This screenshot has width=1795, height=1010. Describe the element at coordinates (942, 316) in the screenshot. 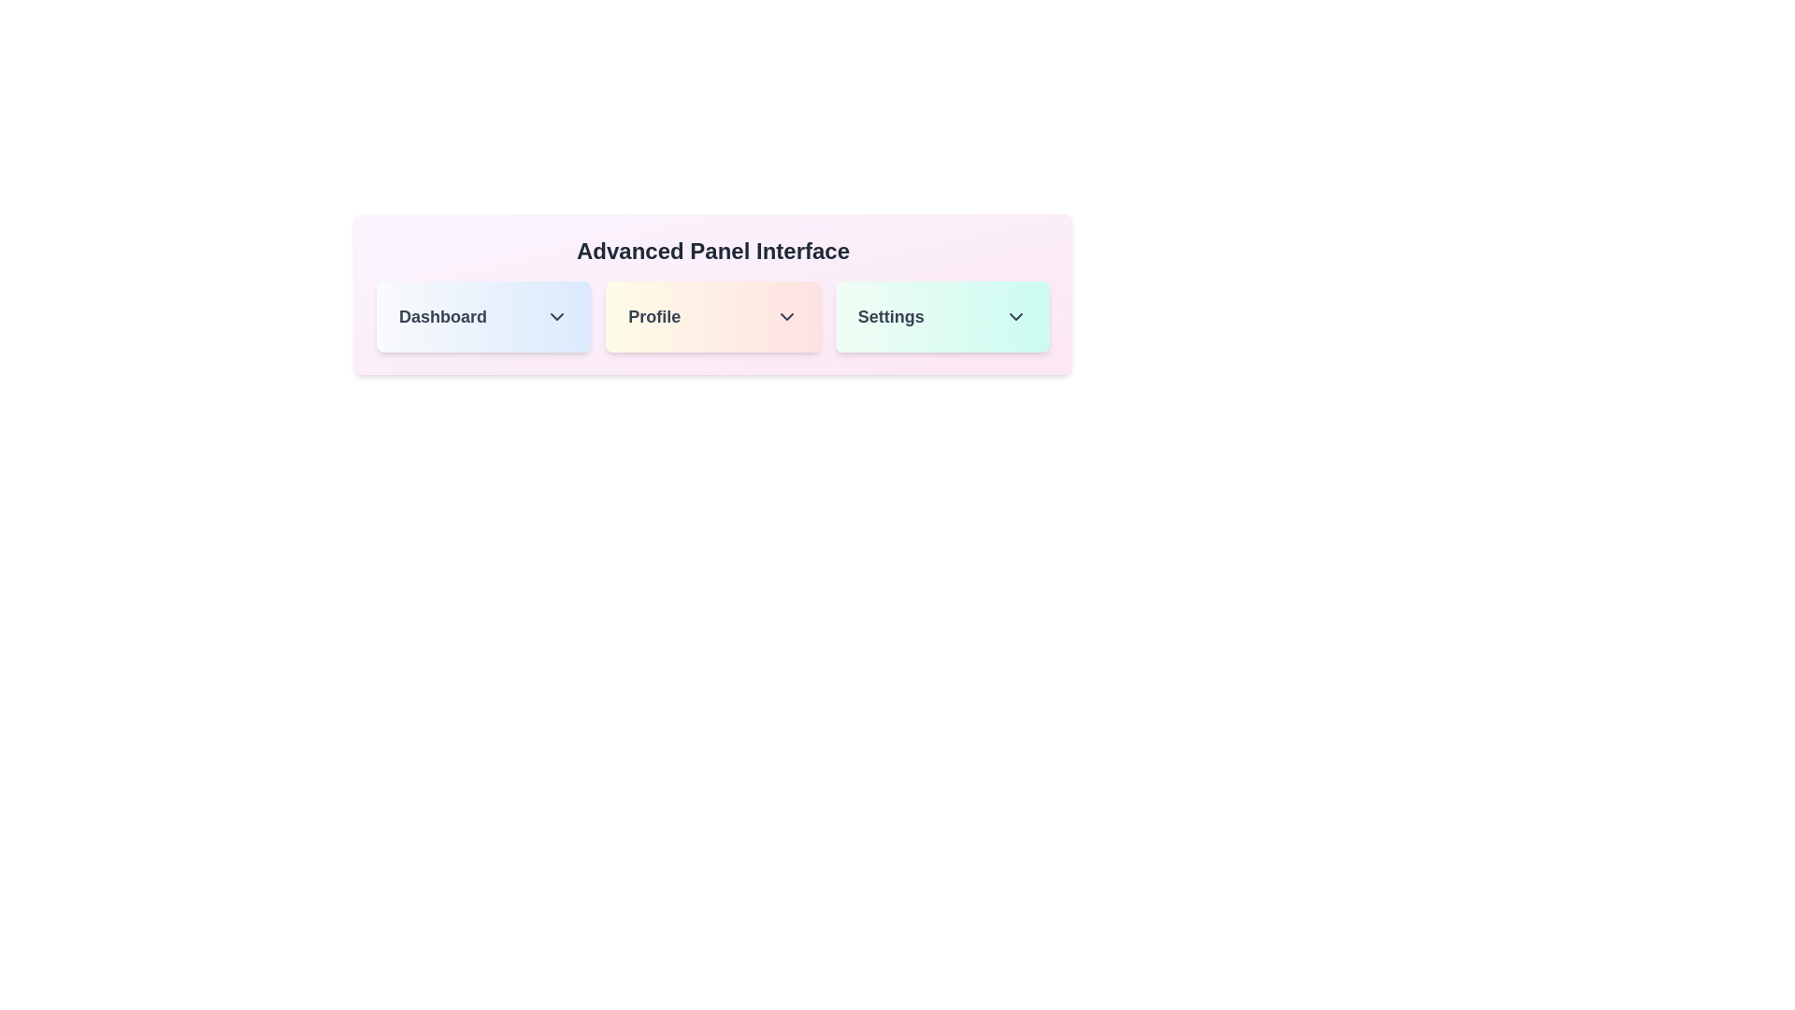

I see `the expanded grid item corresponding to Settings to collapse it` at that location.